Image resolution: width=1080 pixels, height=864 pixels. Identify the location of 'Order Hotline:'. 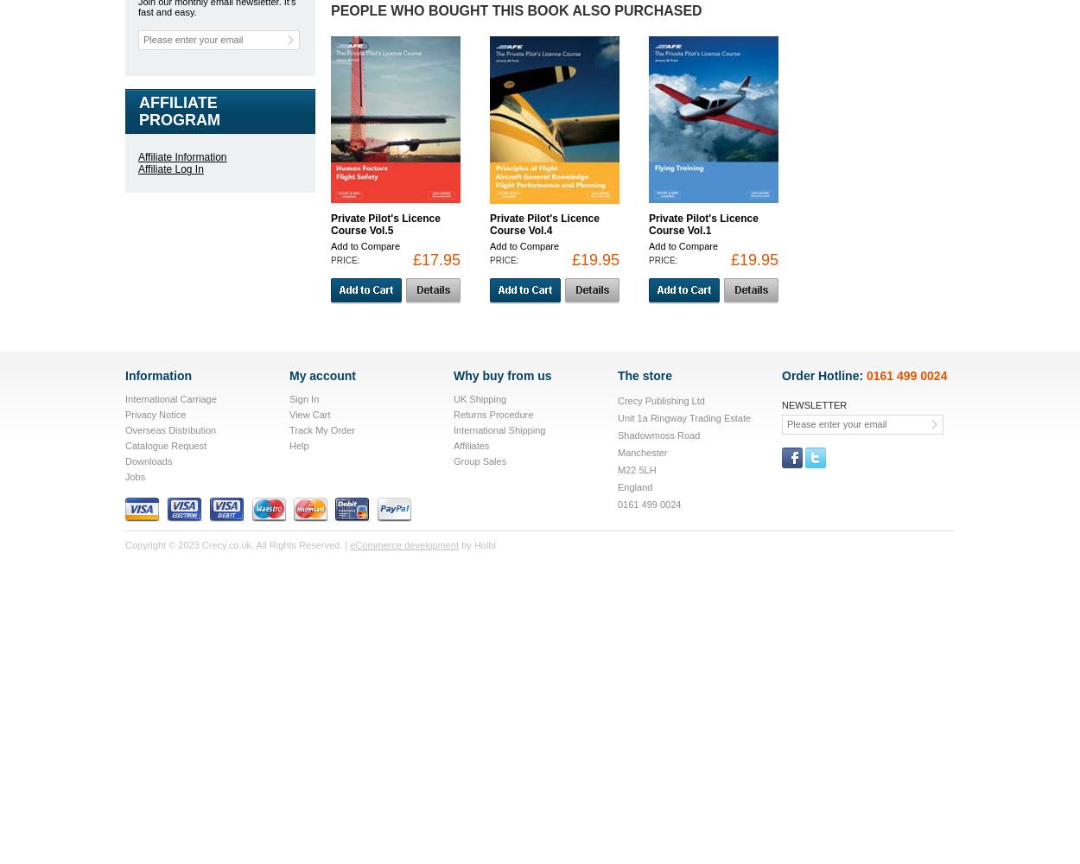
(823, 376).